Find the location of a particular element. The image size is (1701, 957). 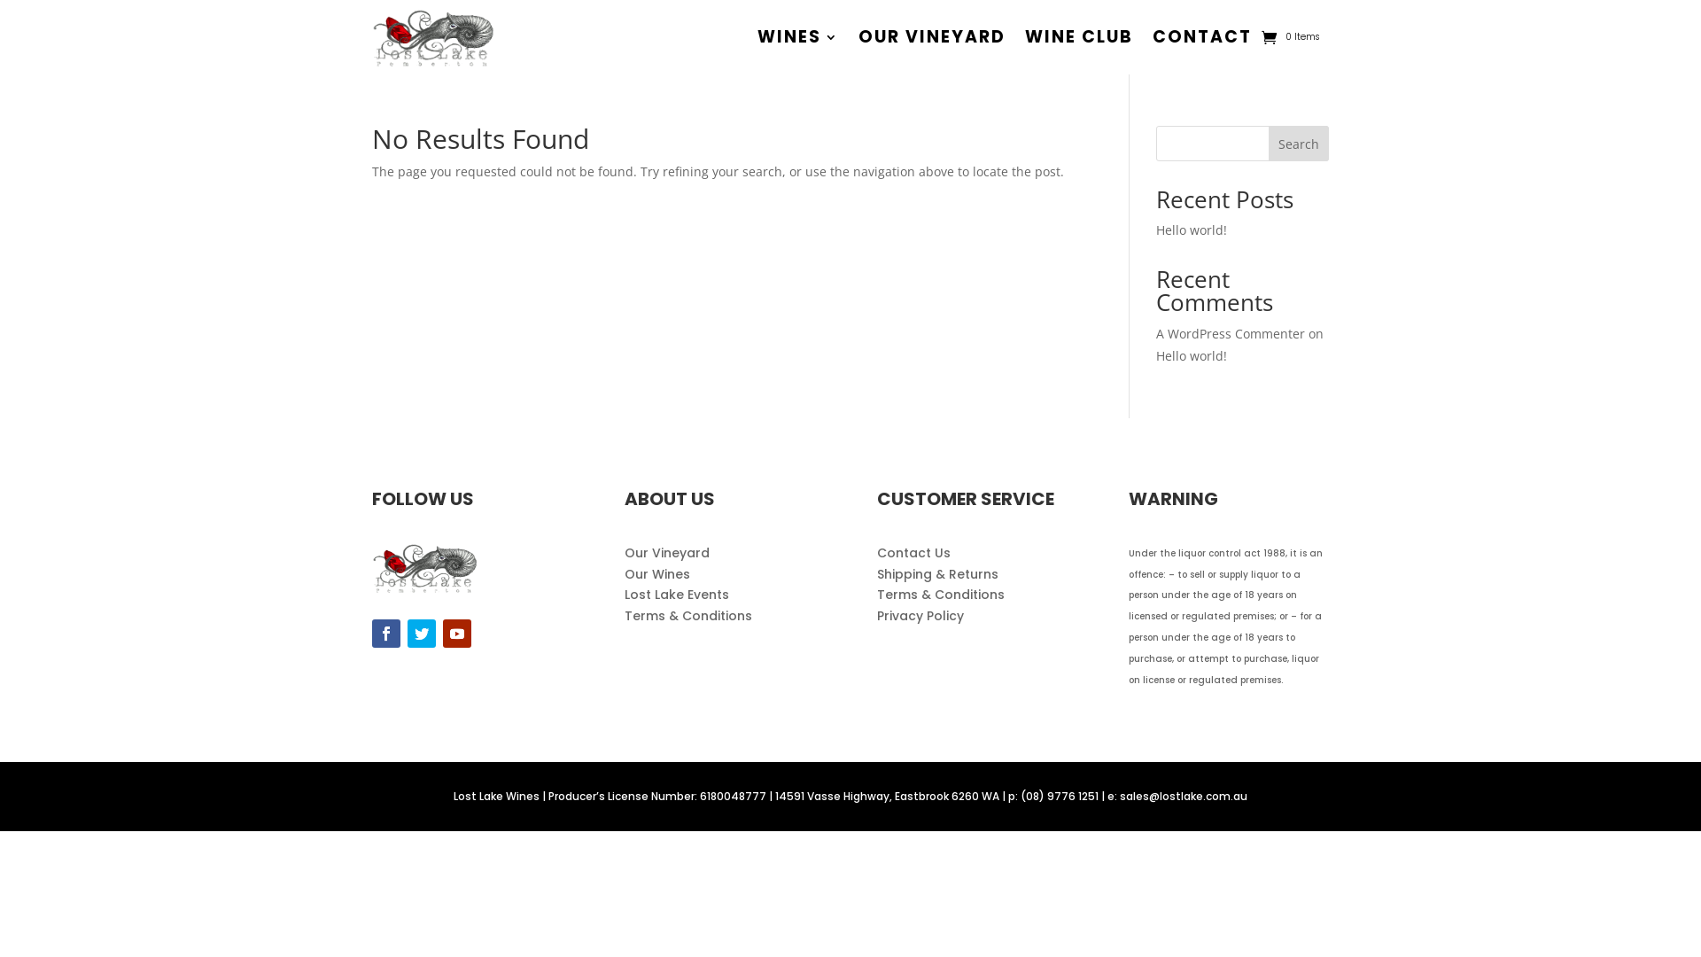

'WINE CLUB' is located at coordinates (1024, 37).